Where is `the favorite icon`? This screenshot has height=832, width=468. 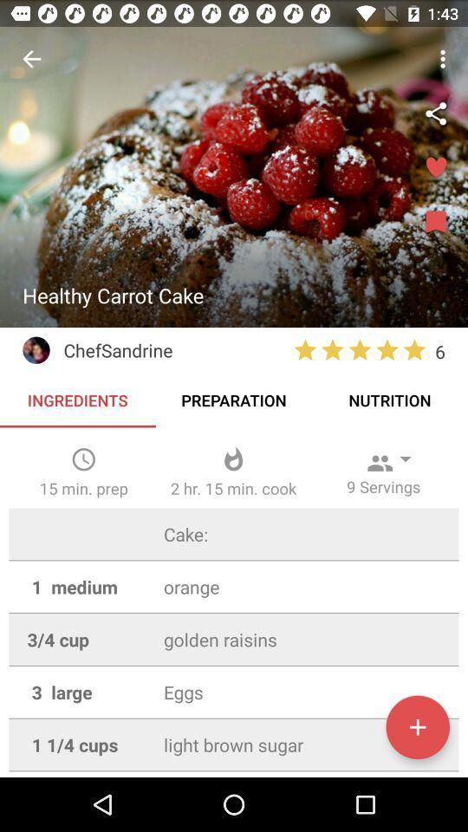 the favorite icon is located at coordinates (435, 168).